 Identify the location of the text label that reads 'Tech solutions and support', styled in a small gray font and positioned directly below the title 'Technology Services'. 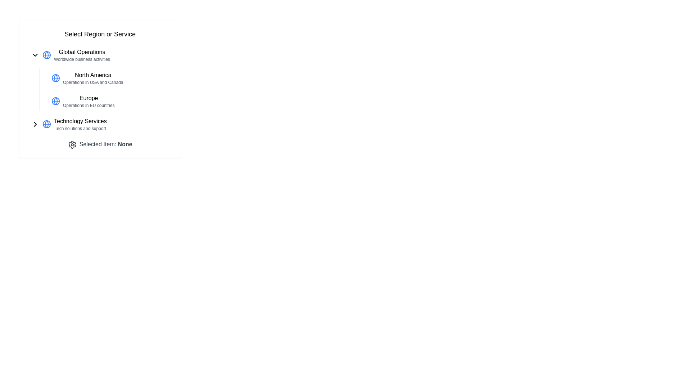
(80, 128).